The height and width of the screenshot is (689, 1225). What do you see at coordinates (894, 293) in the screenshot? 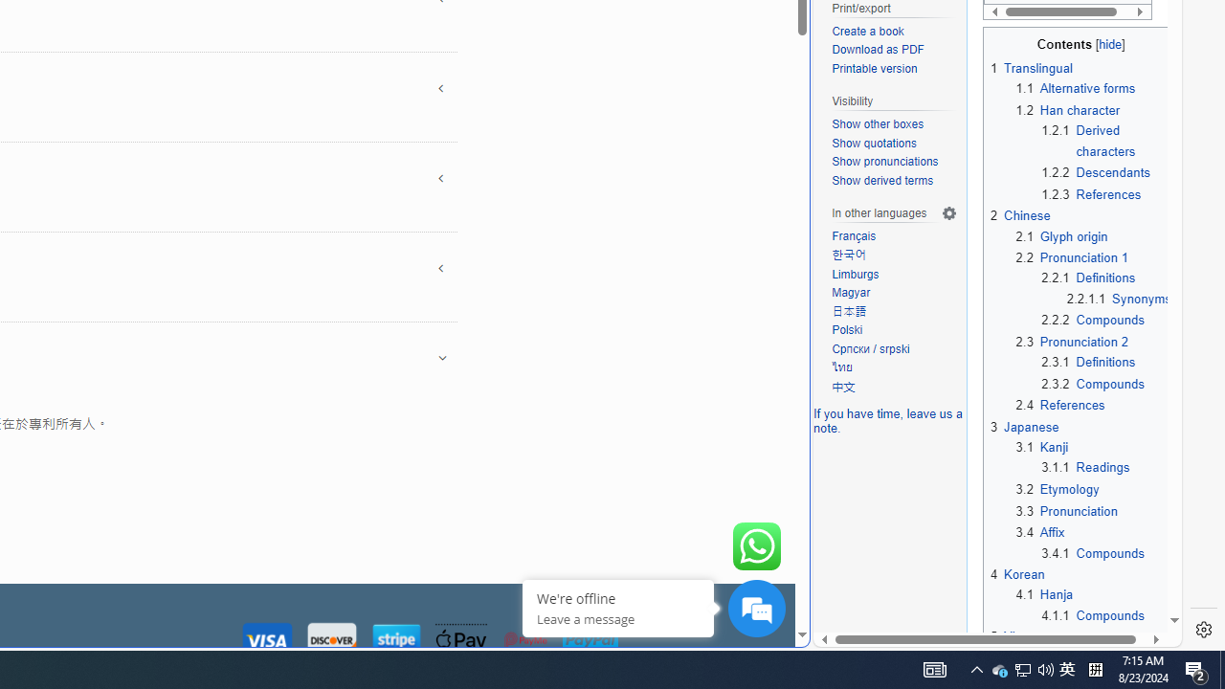
I see `'Magyar'` at bounding box center [894, 293].